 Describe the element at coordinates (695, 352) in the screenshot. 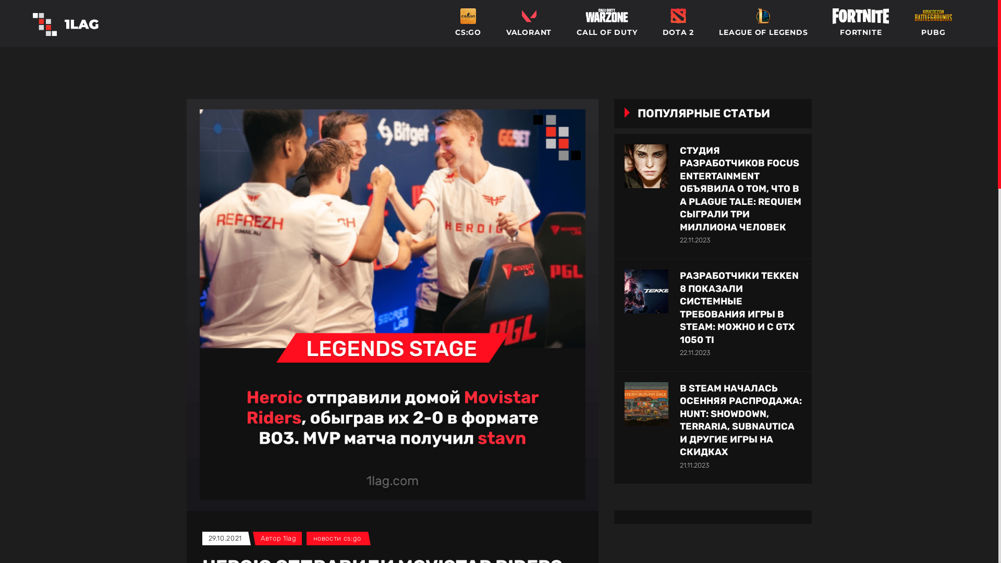

I see `'22.11.2023'` at that location.